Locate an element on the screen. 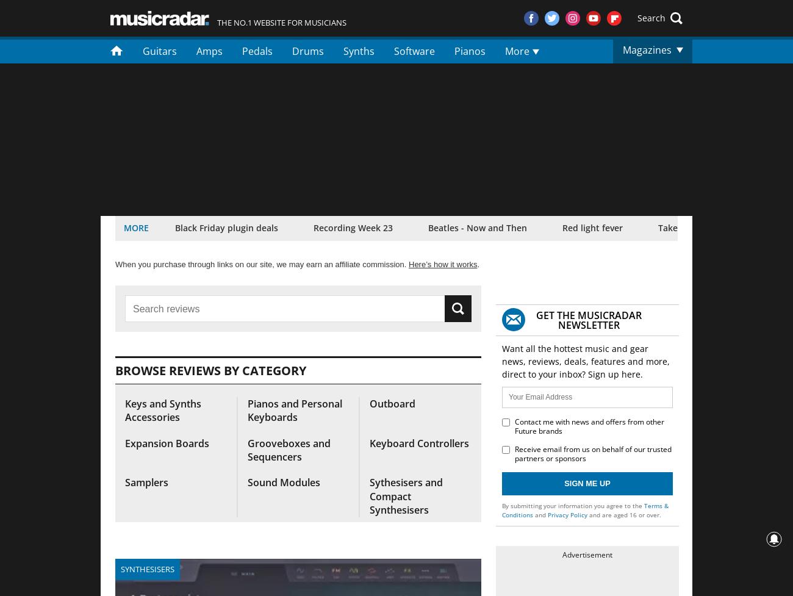  'Outboard' is located at coordinates (392, 403).